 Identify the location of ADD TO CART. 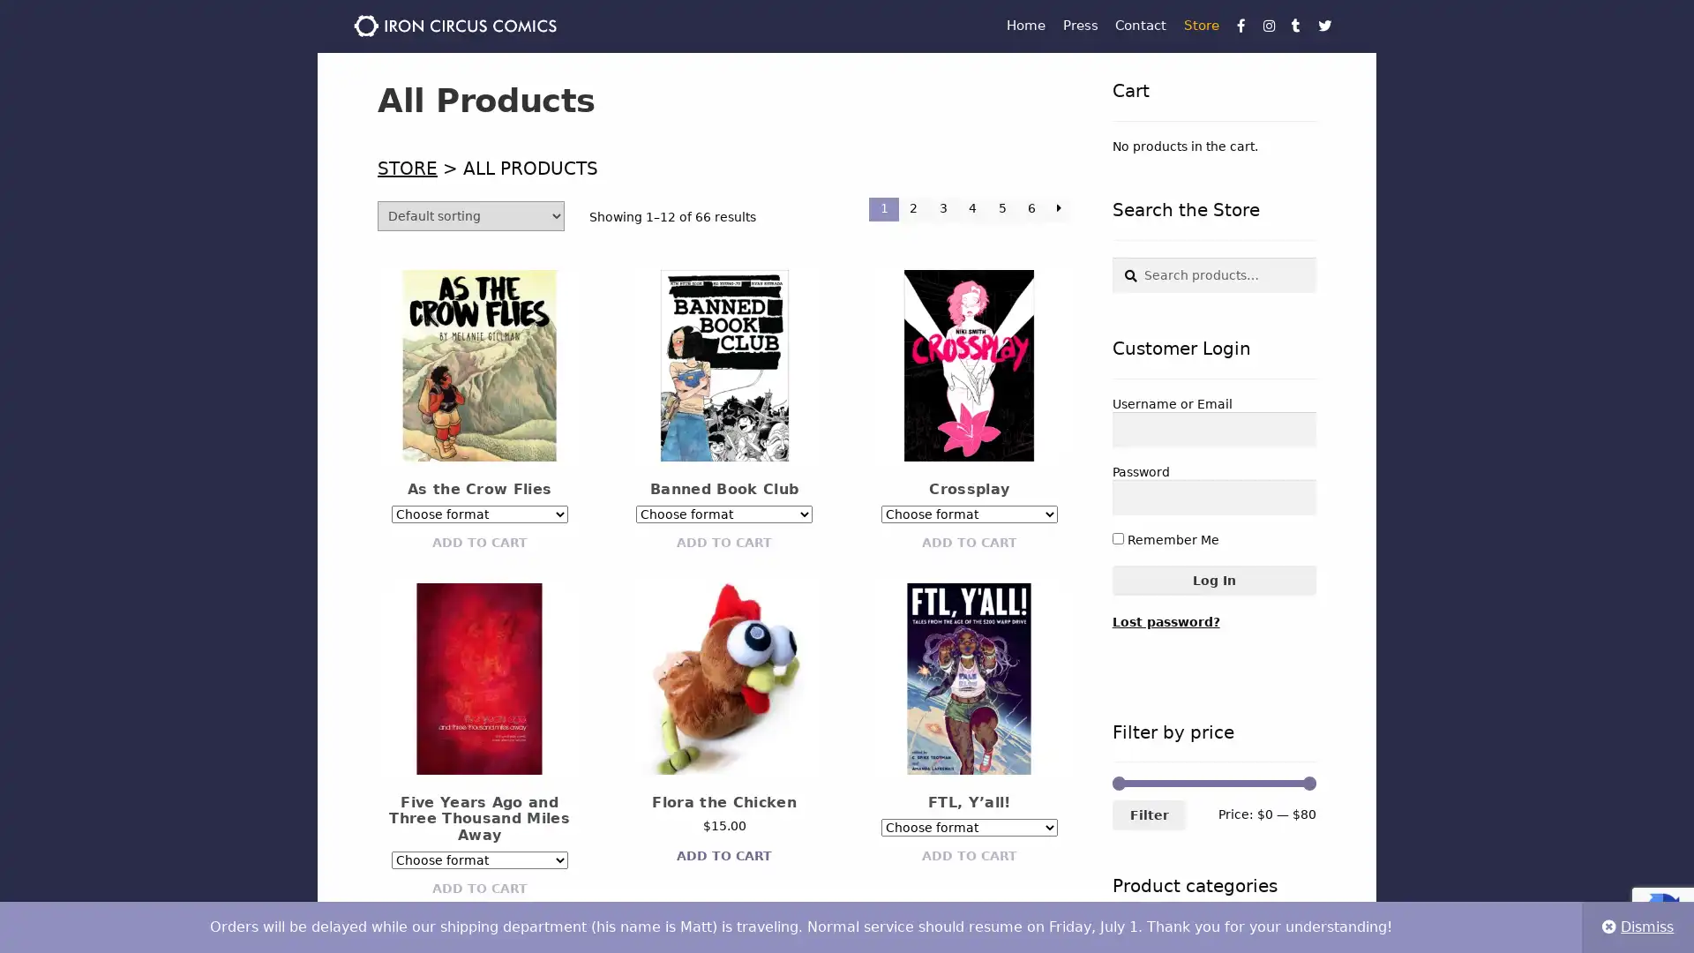
(968, 541).